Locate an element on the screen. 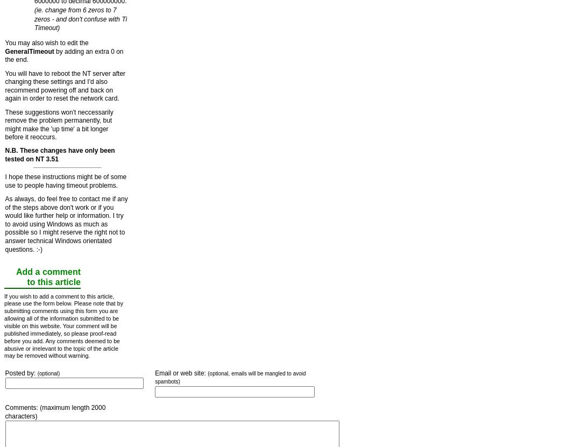 The image size is (568, 447). 'by adding an extra 0 on the end.' is located at coordinates (63, 55).